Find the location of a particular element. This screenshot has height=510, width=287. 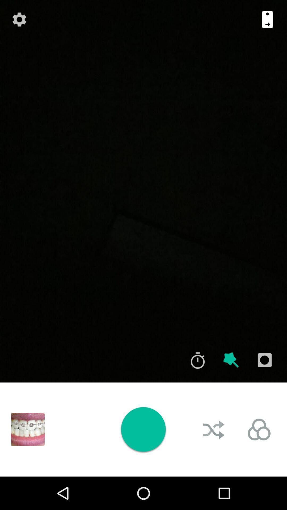

the time icon is located at coordinates (198, 385).